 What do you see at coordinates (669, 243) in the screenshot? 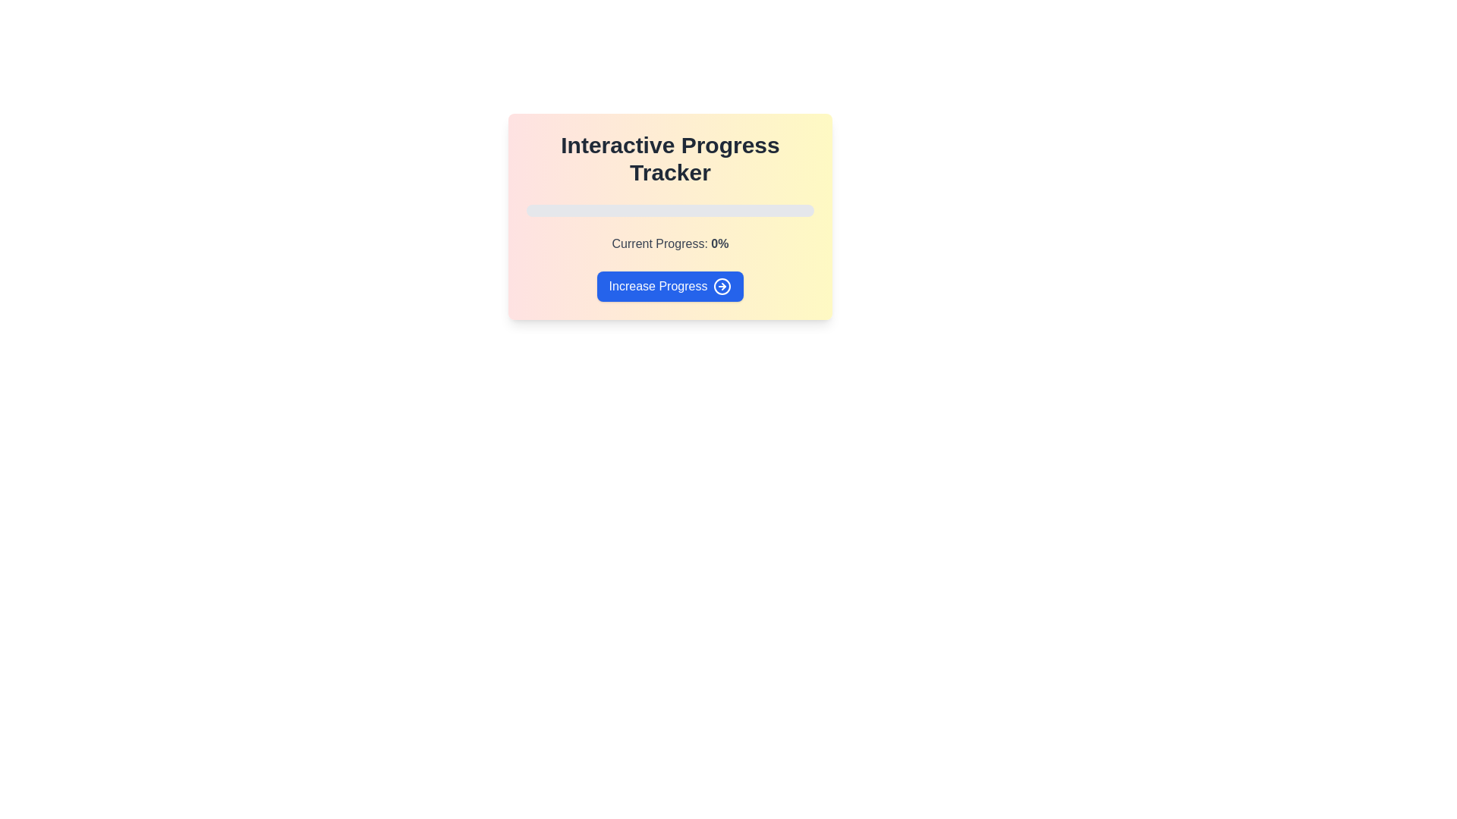
I see `text label that displays the user's current progress as a percentage, located below the progress bar and above the 'Increase Progress' button within a gradient-colored card` at bounding box center [669, 243].